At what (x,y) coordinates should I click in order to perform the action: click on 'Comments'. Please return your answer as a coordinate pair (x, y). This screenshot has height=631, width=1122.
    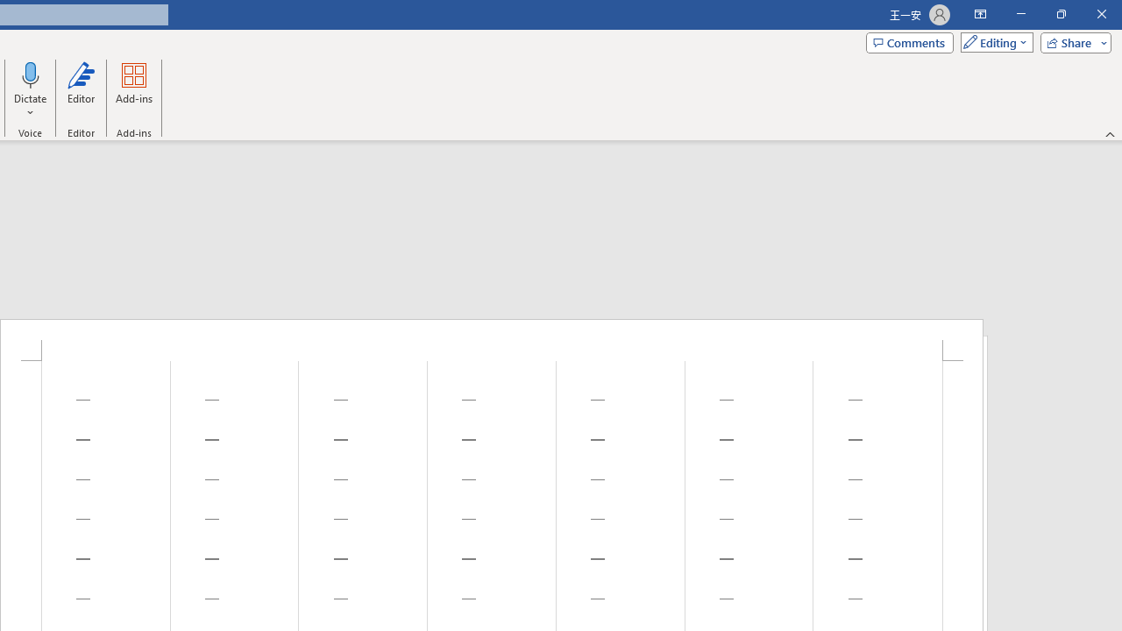
    Looking at the image, I should click on (910, 41).